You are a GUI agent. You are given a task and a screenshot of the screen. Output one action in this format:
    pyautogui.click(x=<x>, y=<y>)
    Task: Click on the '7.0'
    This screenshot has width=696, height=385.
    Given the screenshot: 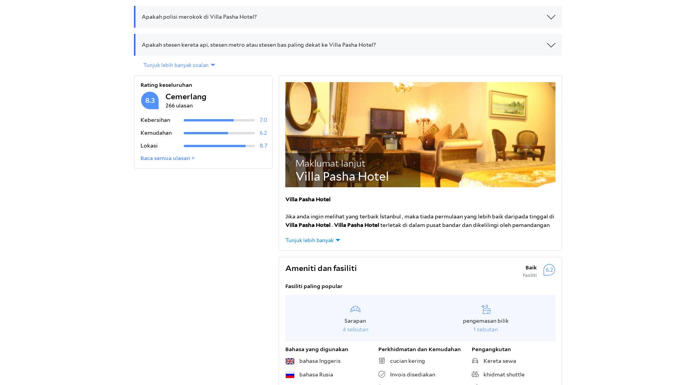 What is the action you would take?
    pyautogui.click(x=263, y=120)
    